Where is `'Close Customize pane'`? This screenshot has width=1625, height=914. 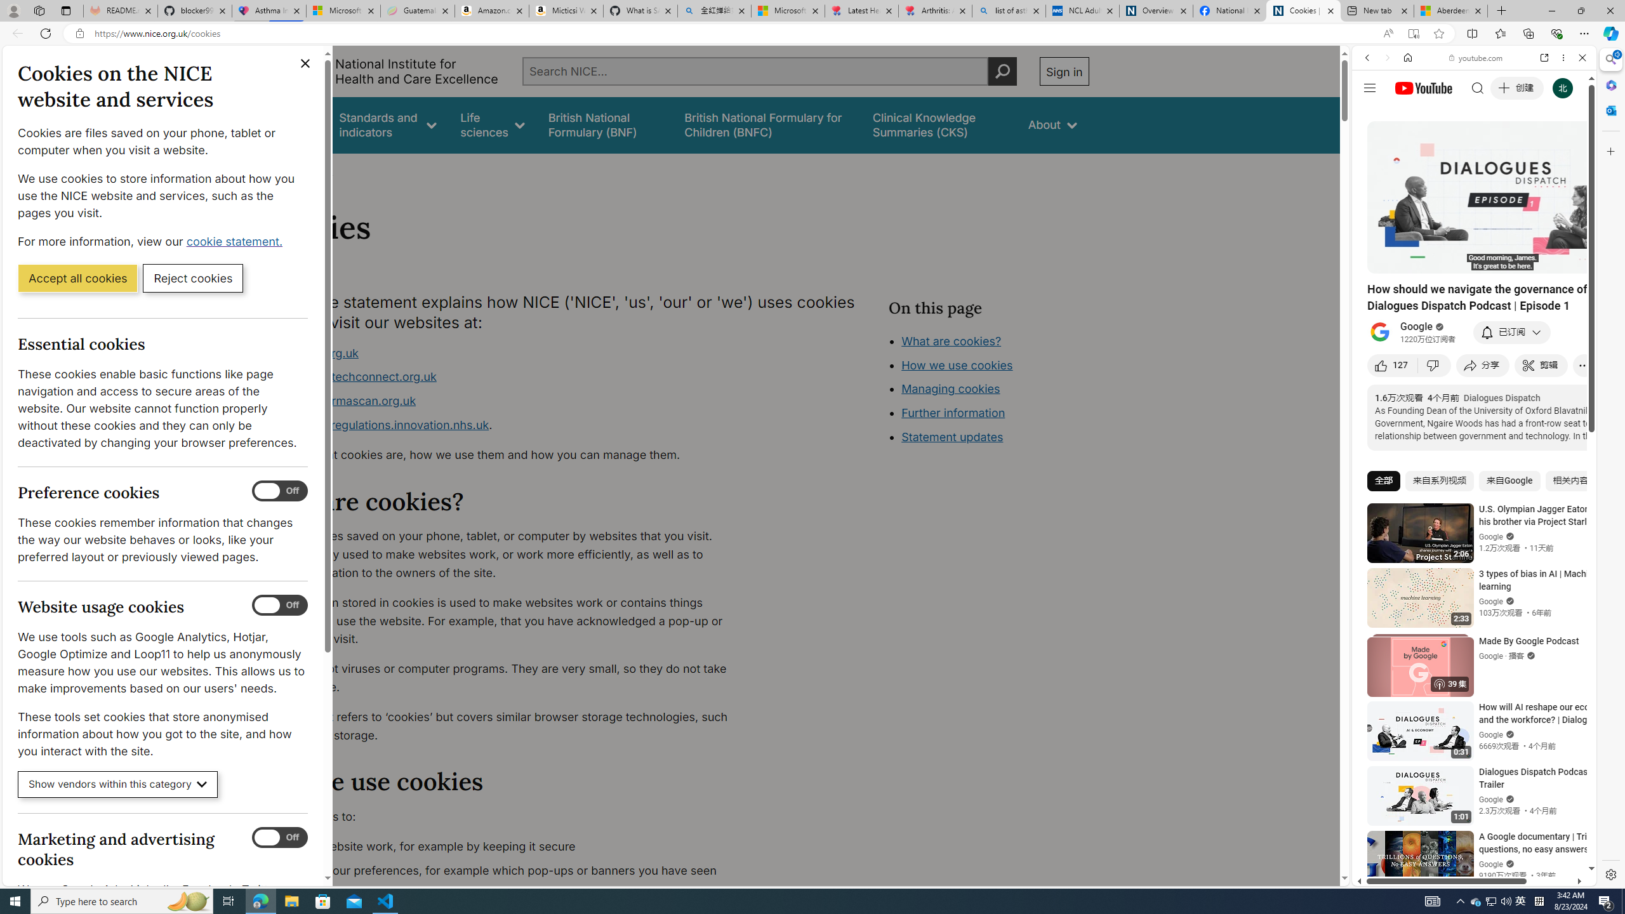 'Close Customize pane' is located at coordinates (1609, 150).